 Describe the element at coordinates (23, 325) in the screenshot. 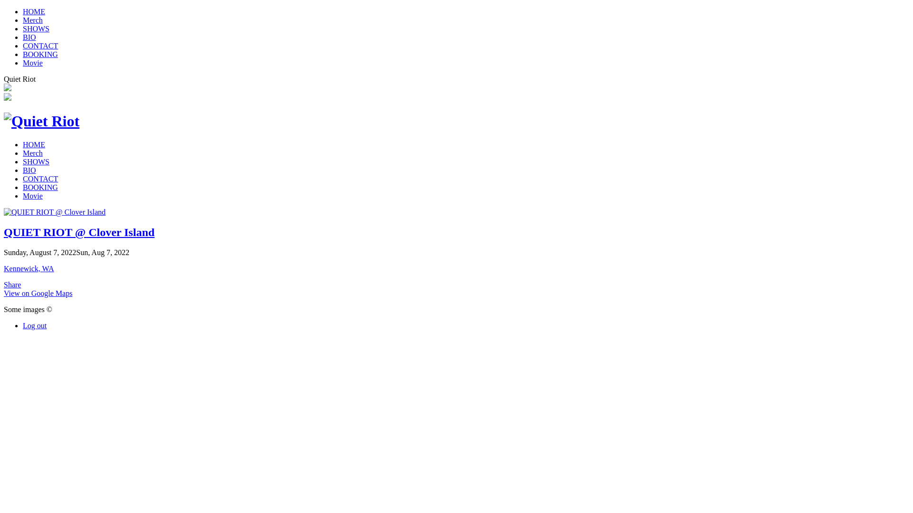

I see `'Log out'` at that location.